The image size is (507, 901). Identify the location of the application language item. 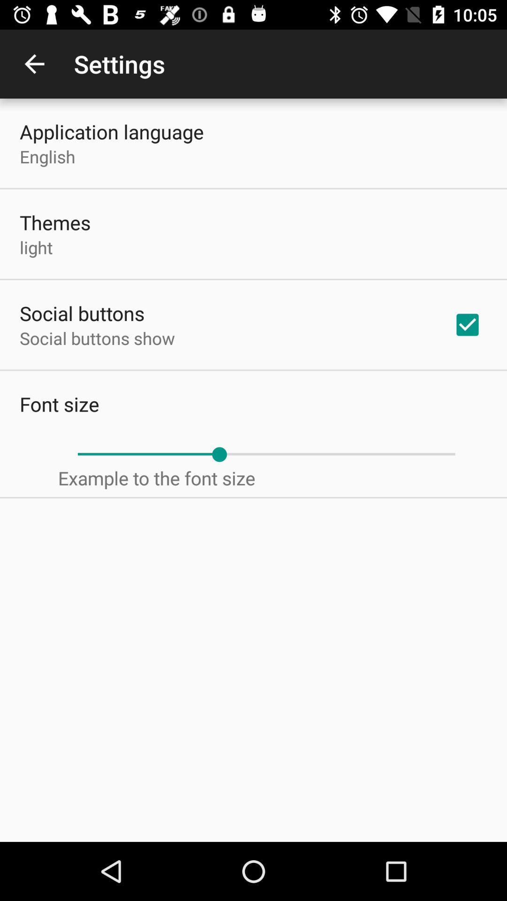
(111, 131).